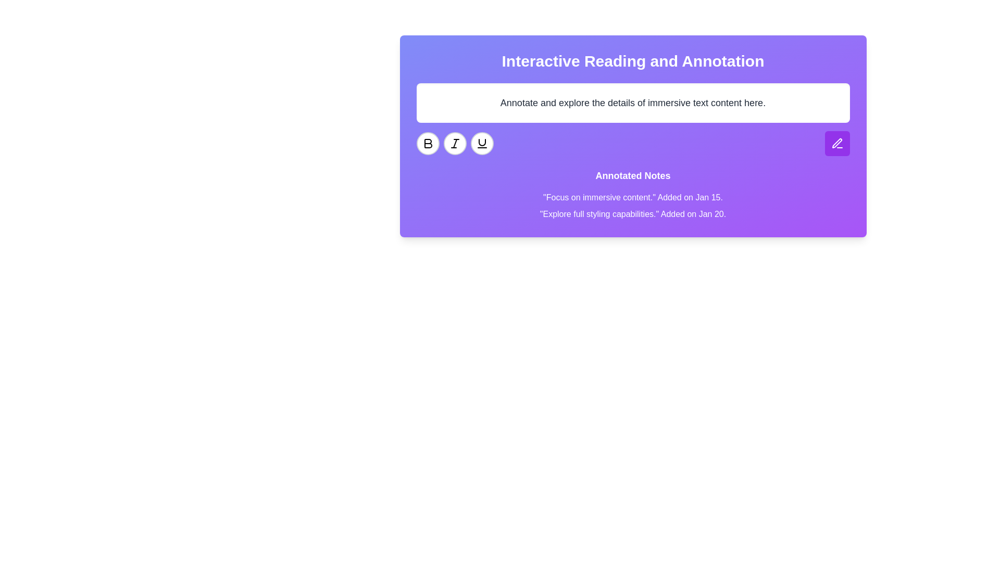  I want to click on the circular button with a white fill and gray border that features a centered italic 'I' icon, so click(455, 144).